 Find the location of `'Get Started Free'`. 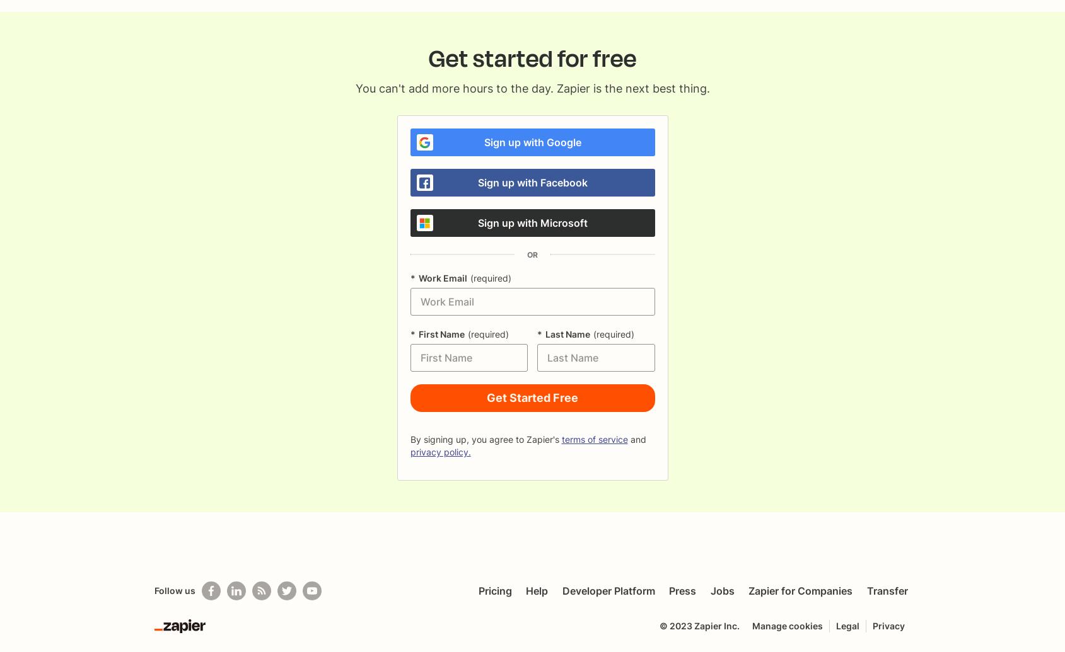

'Get Started Free' is located at coordinates (532, 397).